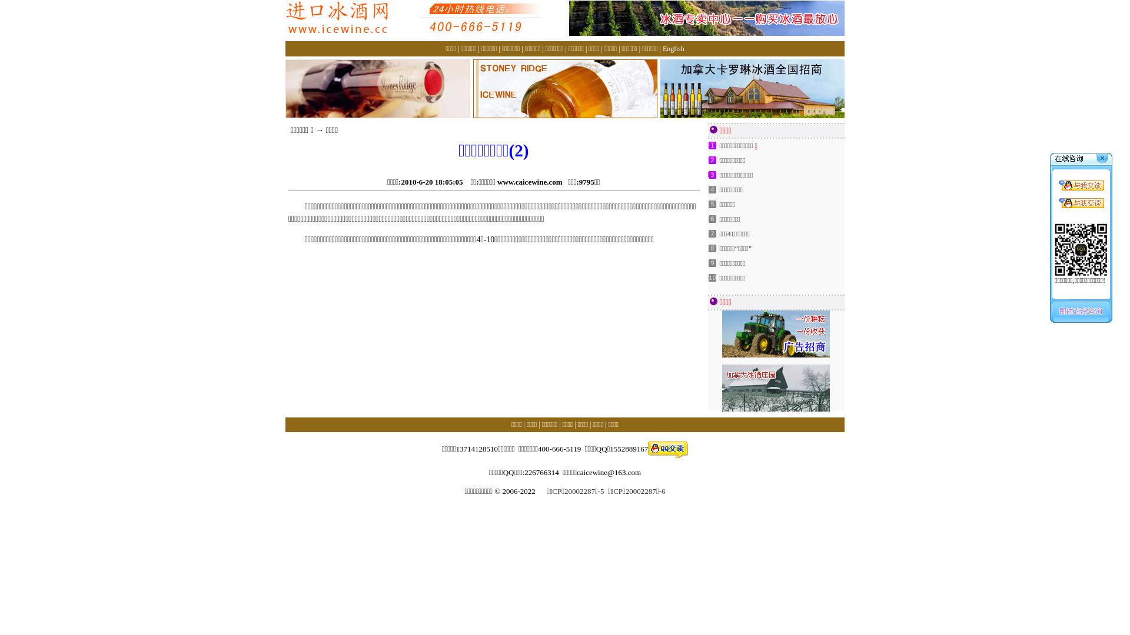 The image size is (1130, 635). Describe the element at coordinates (663, 48) in the screenshot. I see `'English'` at that location.